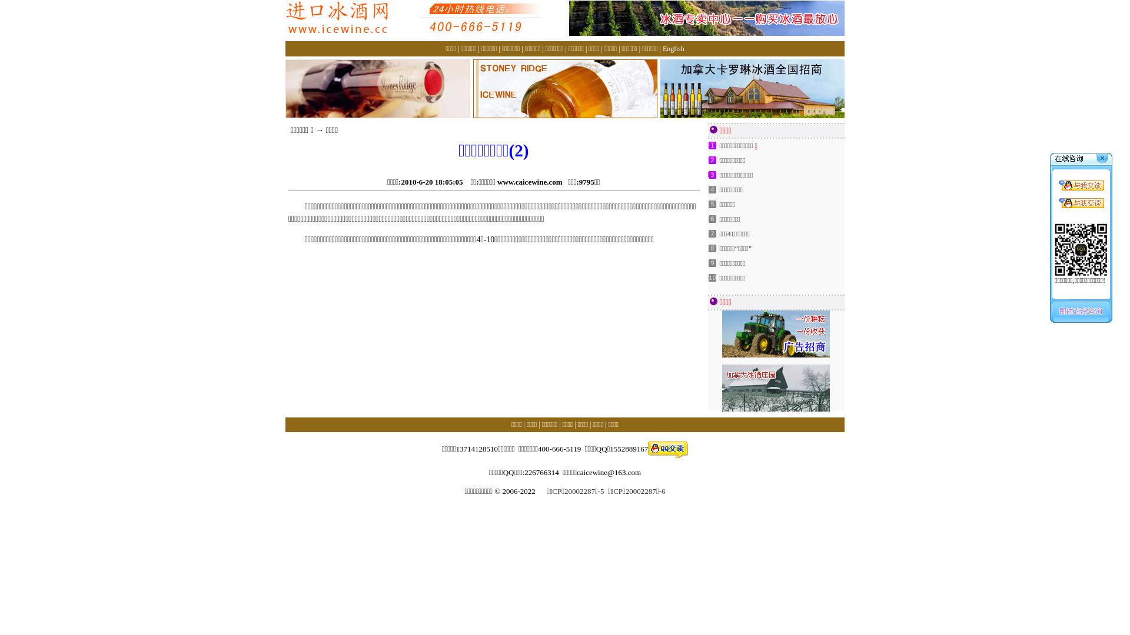 The image size is (1130, 635). Describe the element at coordinates (663, 48) in the screenshot. I see `'English'` at that location.